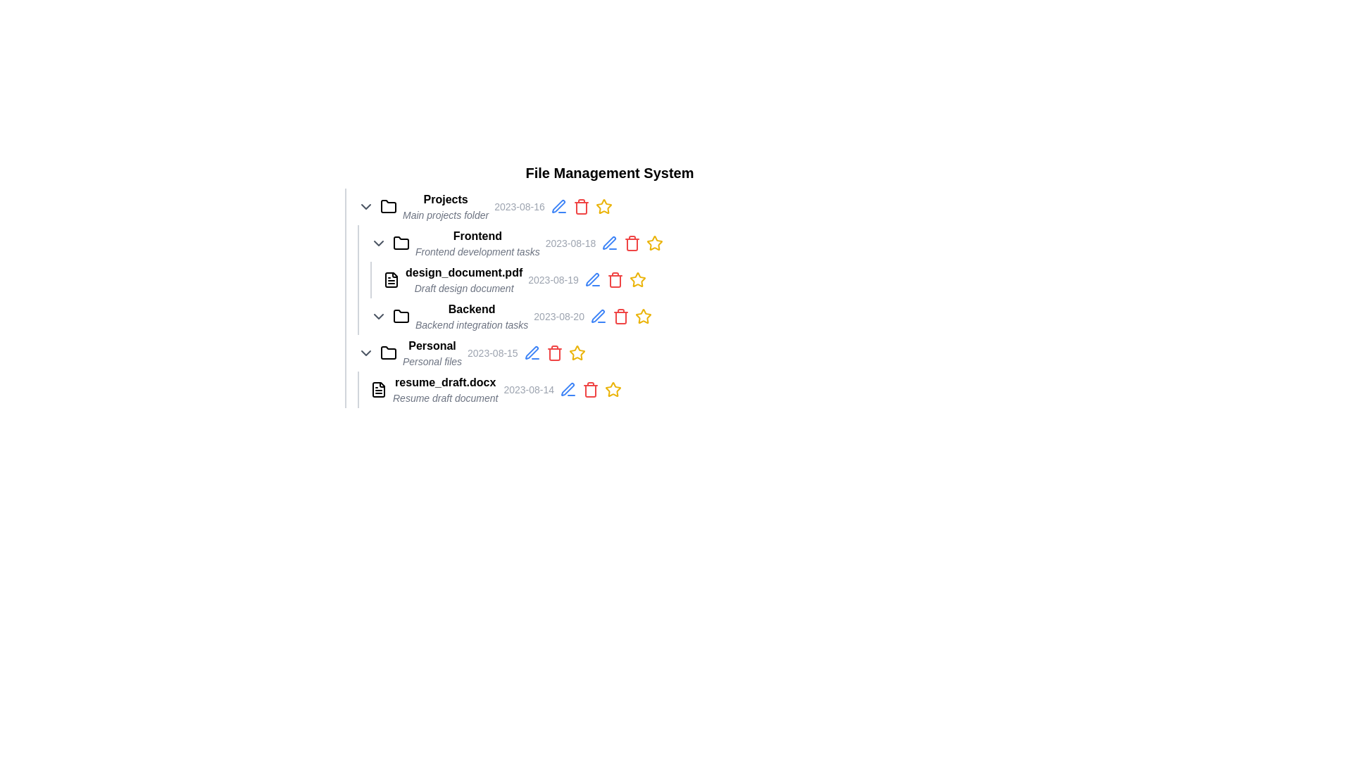  What do you see at coordinates (392, 279) in the screenshot?
I see `the rectangular document icon with a fold in the top-right corner, located next to the label 'design_document.pdf' in the file management interface` at bounding box center [392, 279].